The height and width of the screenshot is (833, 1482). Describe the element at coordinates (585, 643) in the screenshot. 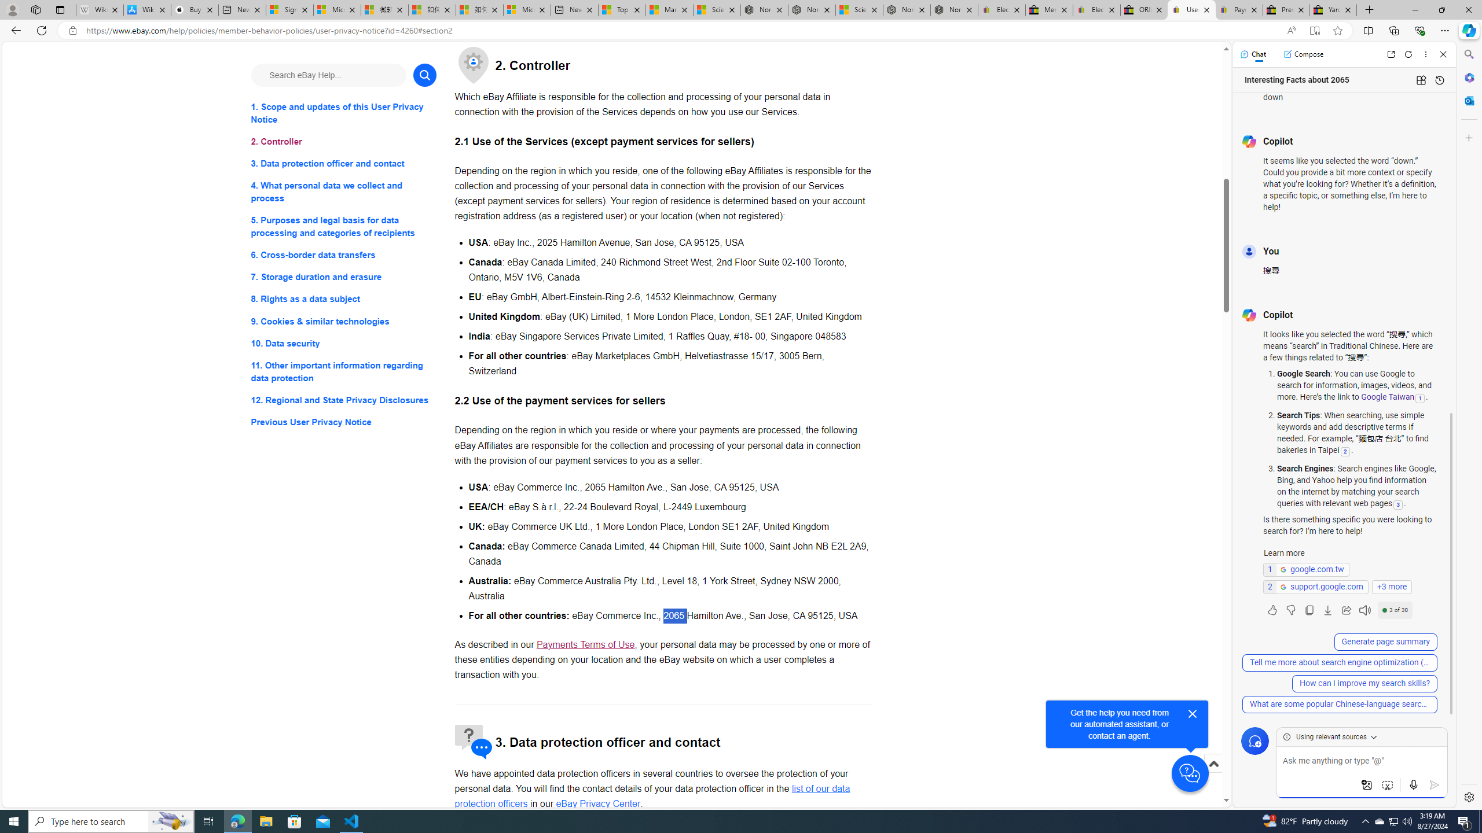

I see `'Payments Terms of Use - opens in new window or tab'` at that location.